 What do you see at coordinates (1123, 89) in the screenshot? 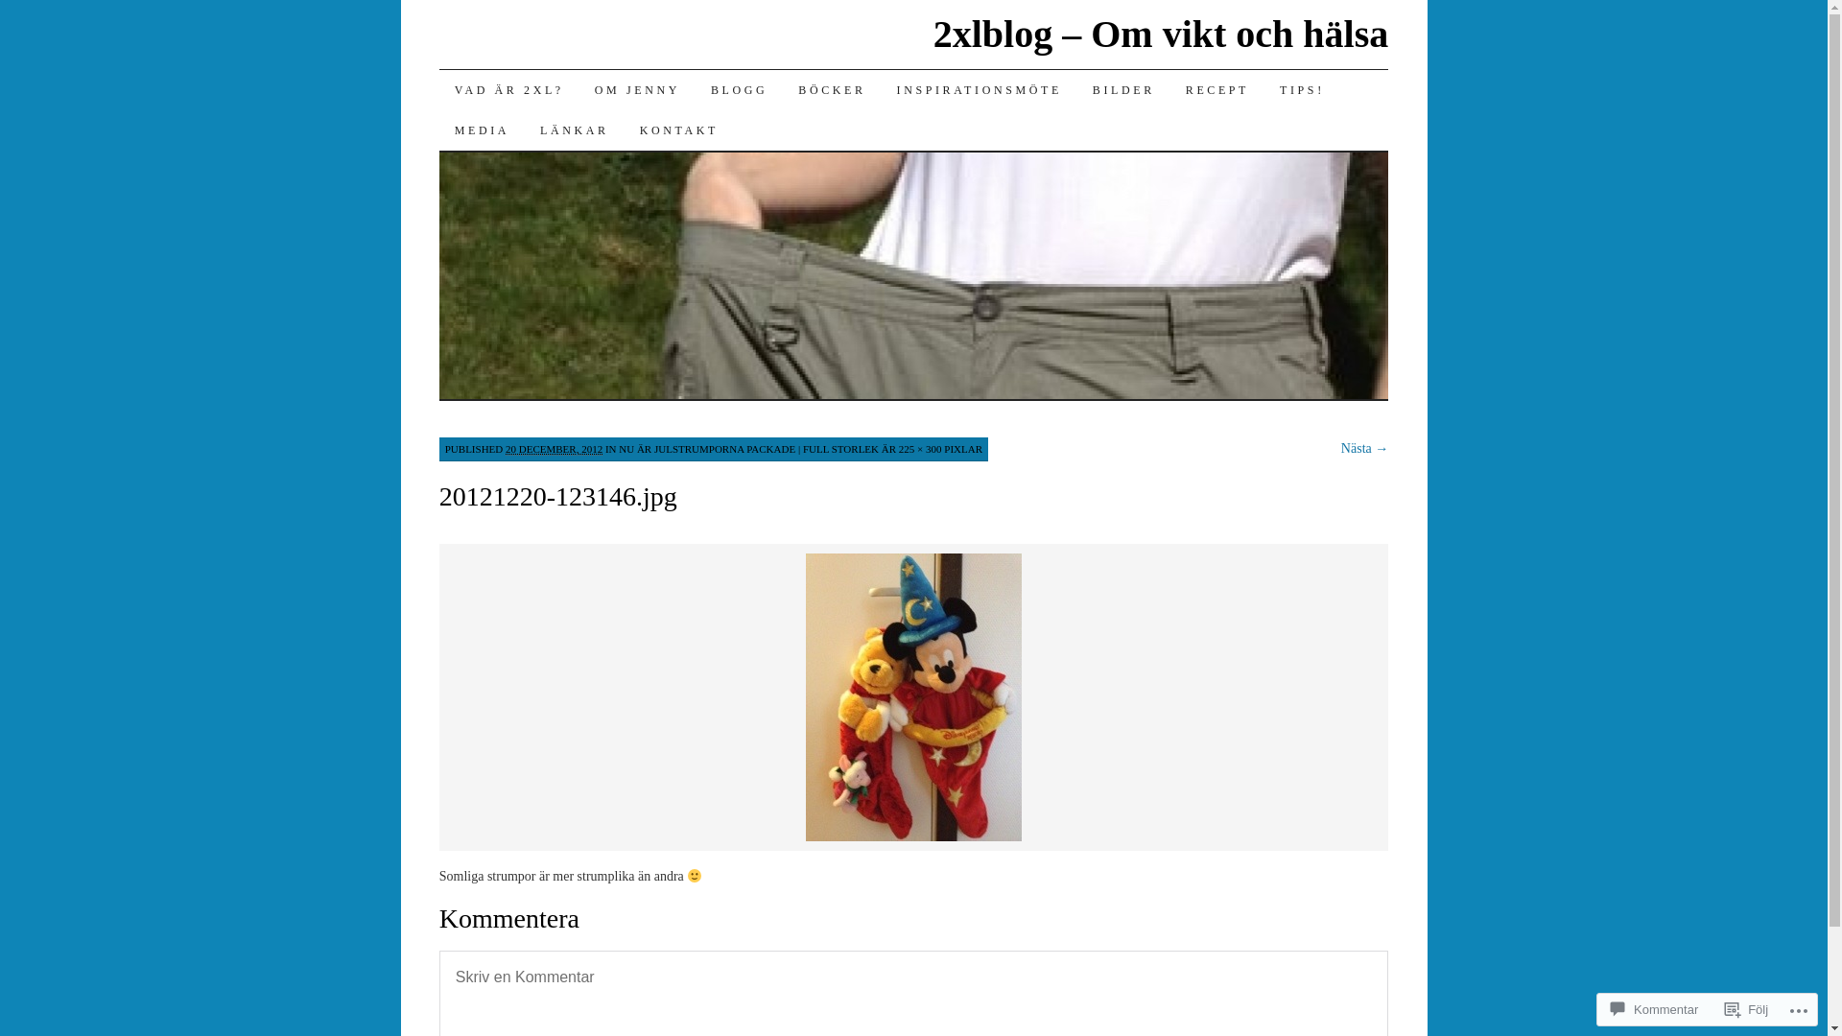
I see `'BILDER'` at bounding box center [1123, 89].